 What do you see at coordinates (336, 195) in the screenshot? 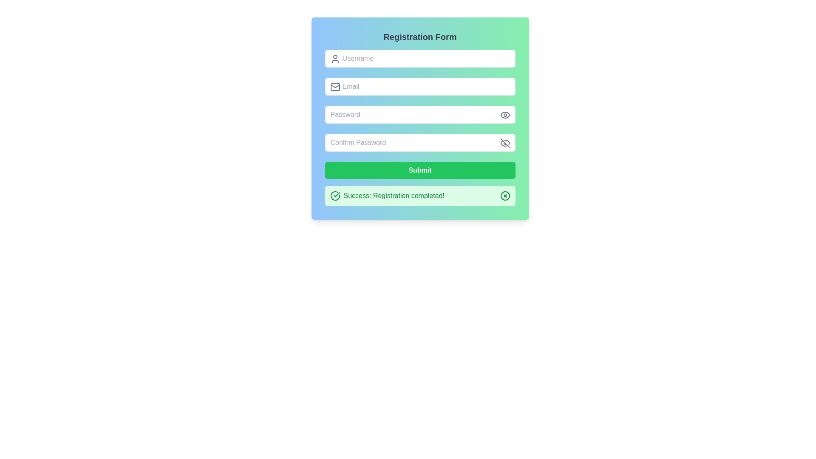
I see `the graphical checkmark icon, which is part of a circular success indicator located to the left of the success message 'Success: Registration completed!'` at bounding box center [336, 195].